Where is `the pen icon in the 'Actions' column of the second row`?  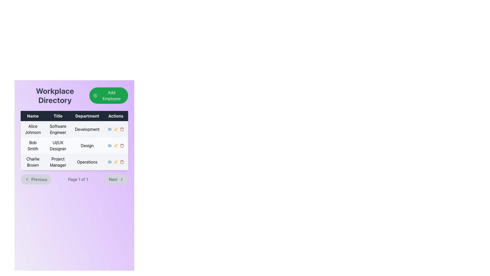
the pen icon in the 'Actions' column of the second row is located at coordinates (115, 145).